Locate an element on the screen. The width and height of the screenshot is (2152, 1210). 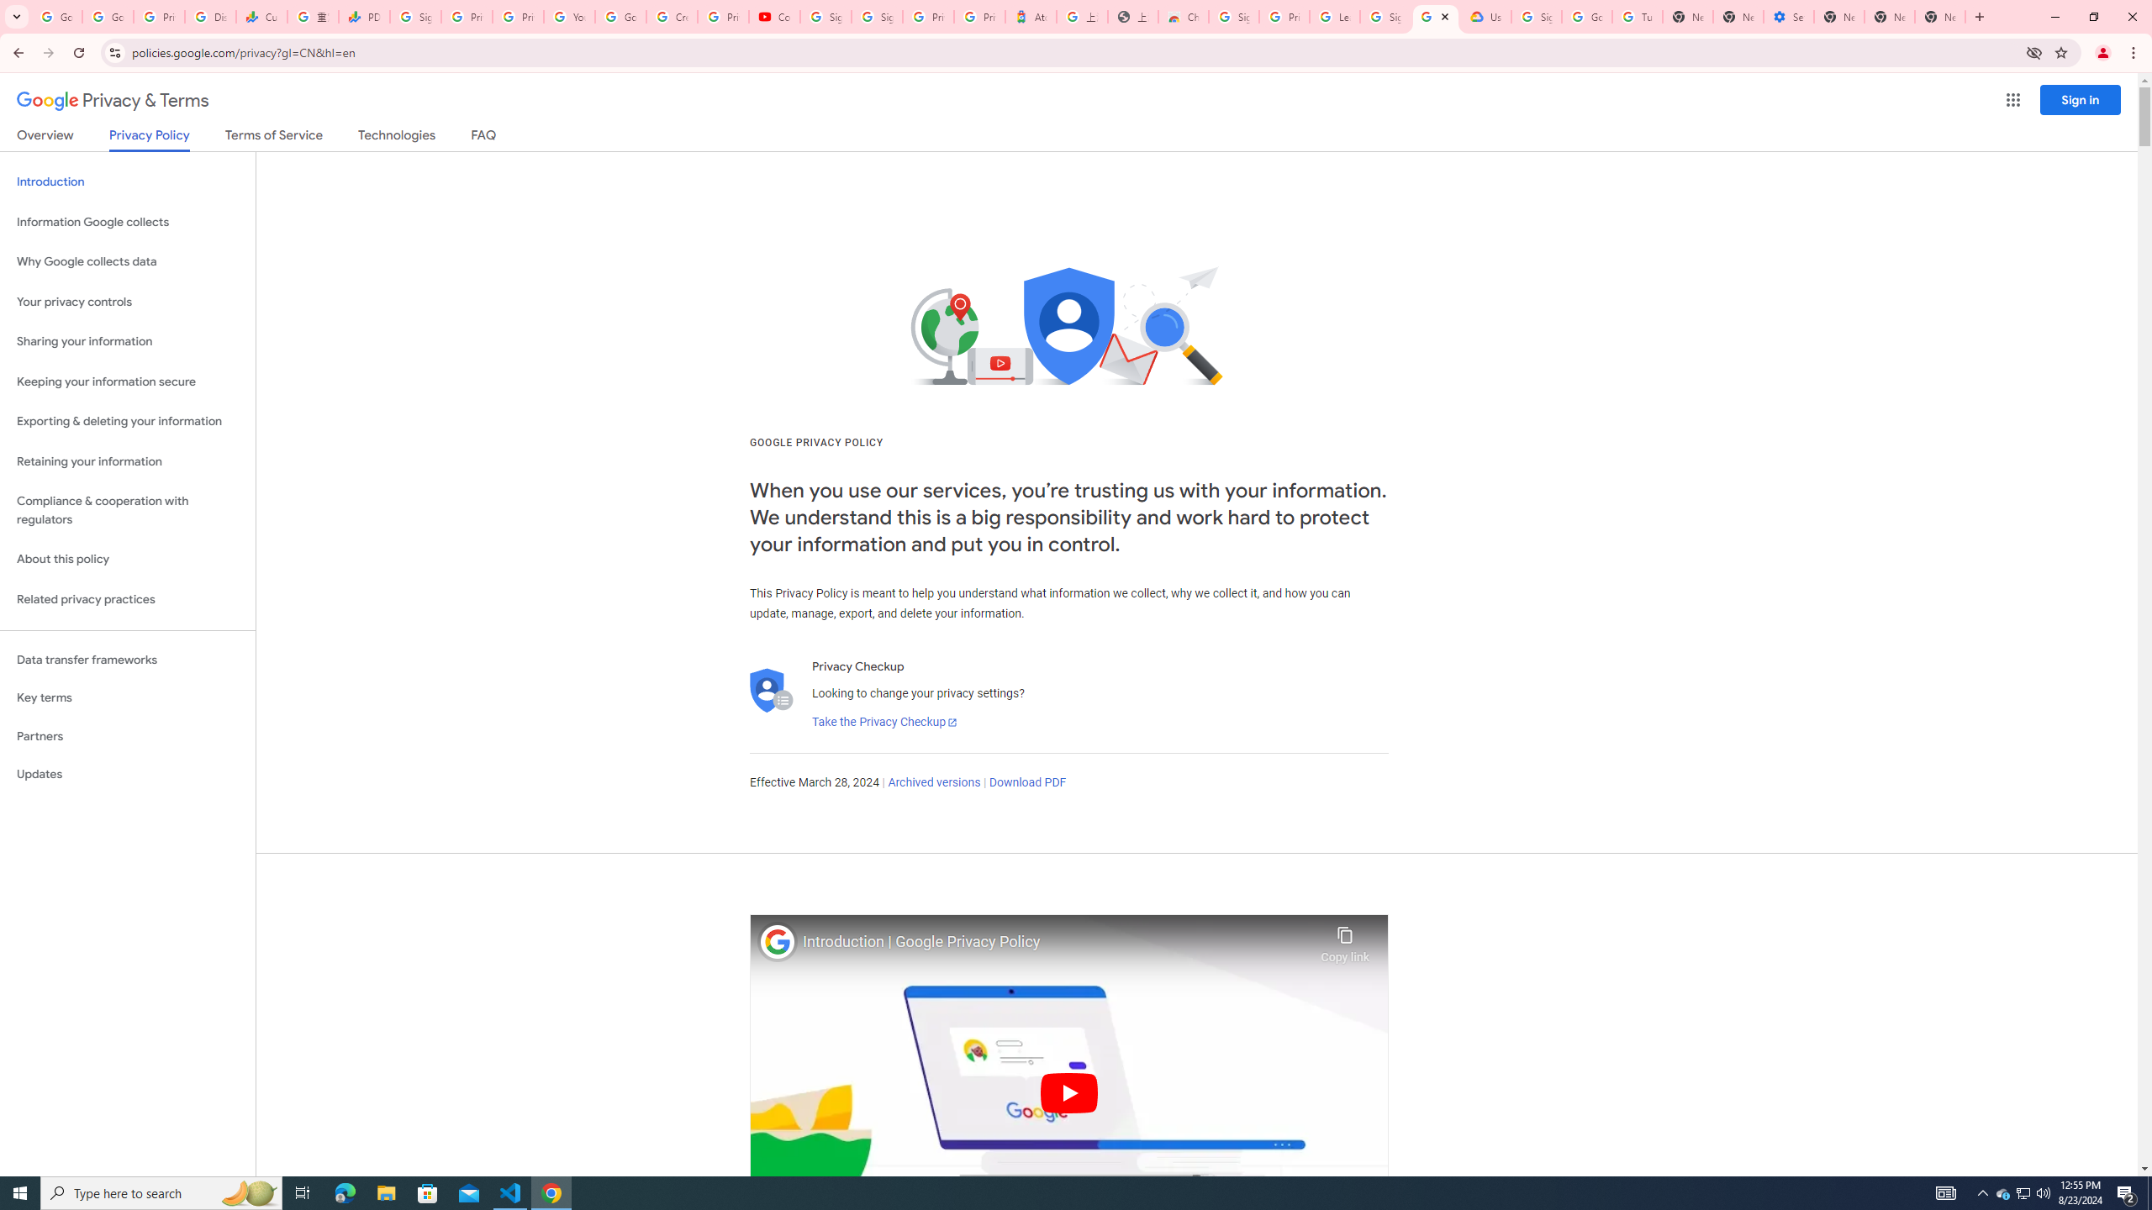
'Information Google collects' is located at coordinates (127, 222).